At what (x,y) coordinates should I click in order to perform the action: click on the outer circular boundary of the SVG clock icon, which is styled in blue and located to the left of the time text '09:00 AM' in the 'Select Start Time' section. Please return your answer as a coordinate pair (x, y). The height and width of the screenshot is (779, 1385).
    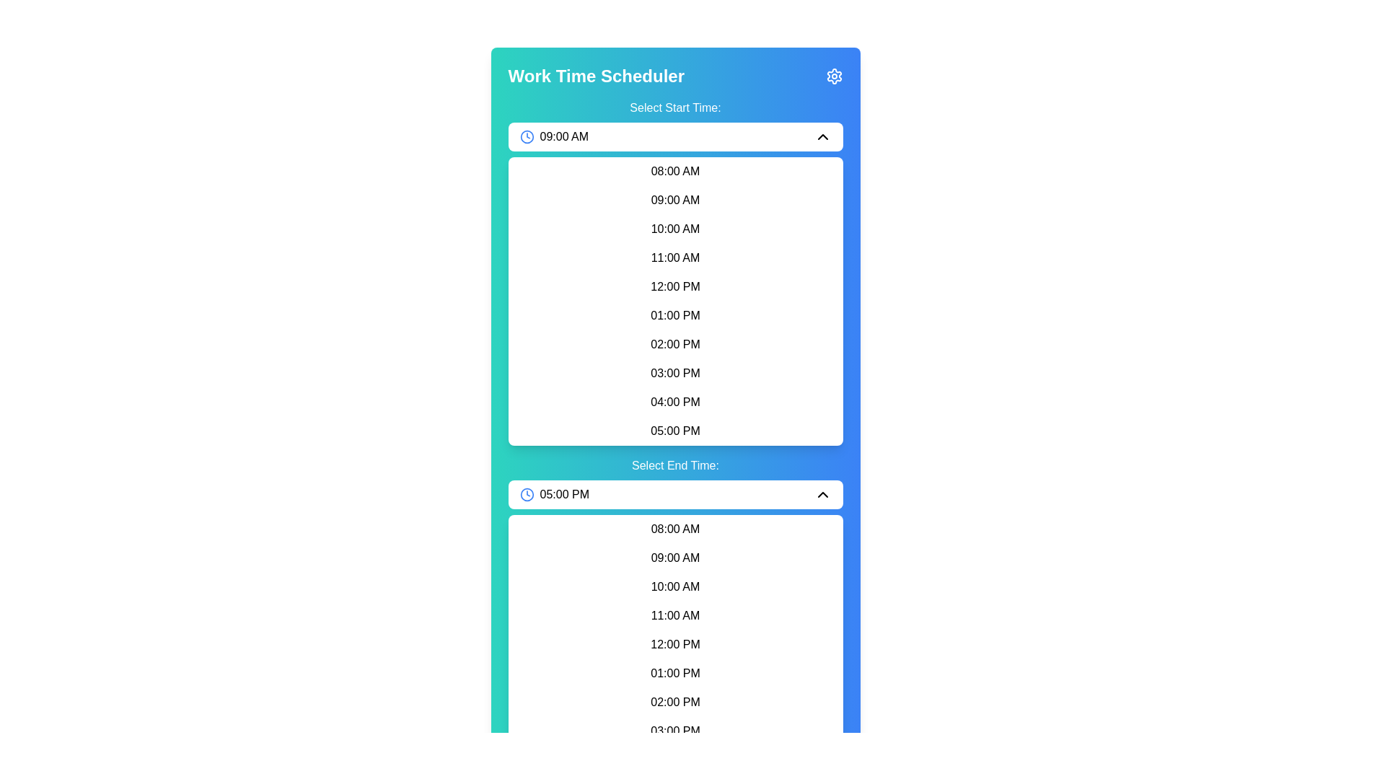
    Looking at the image, I should click on (526, 136).